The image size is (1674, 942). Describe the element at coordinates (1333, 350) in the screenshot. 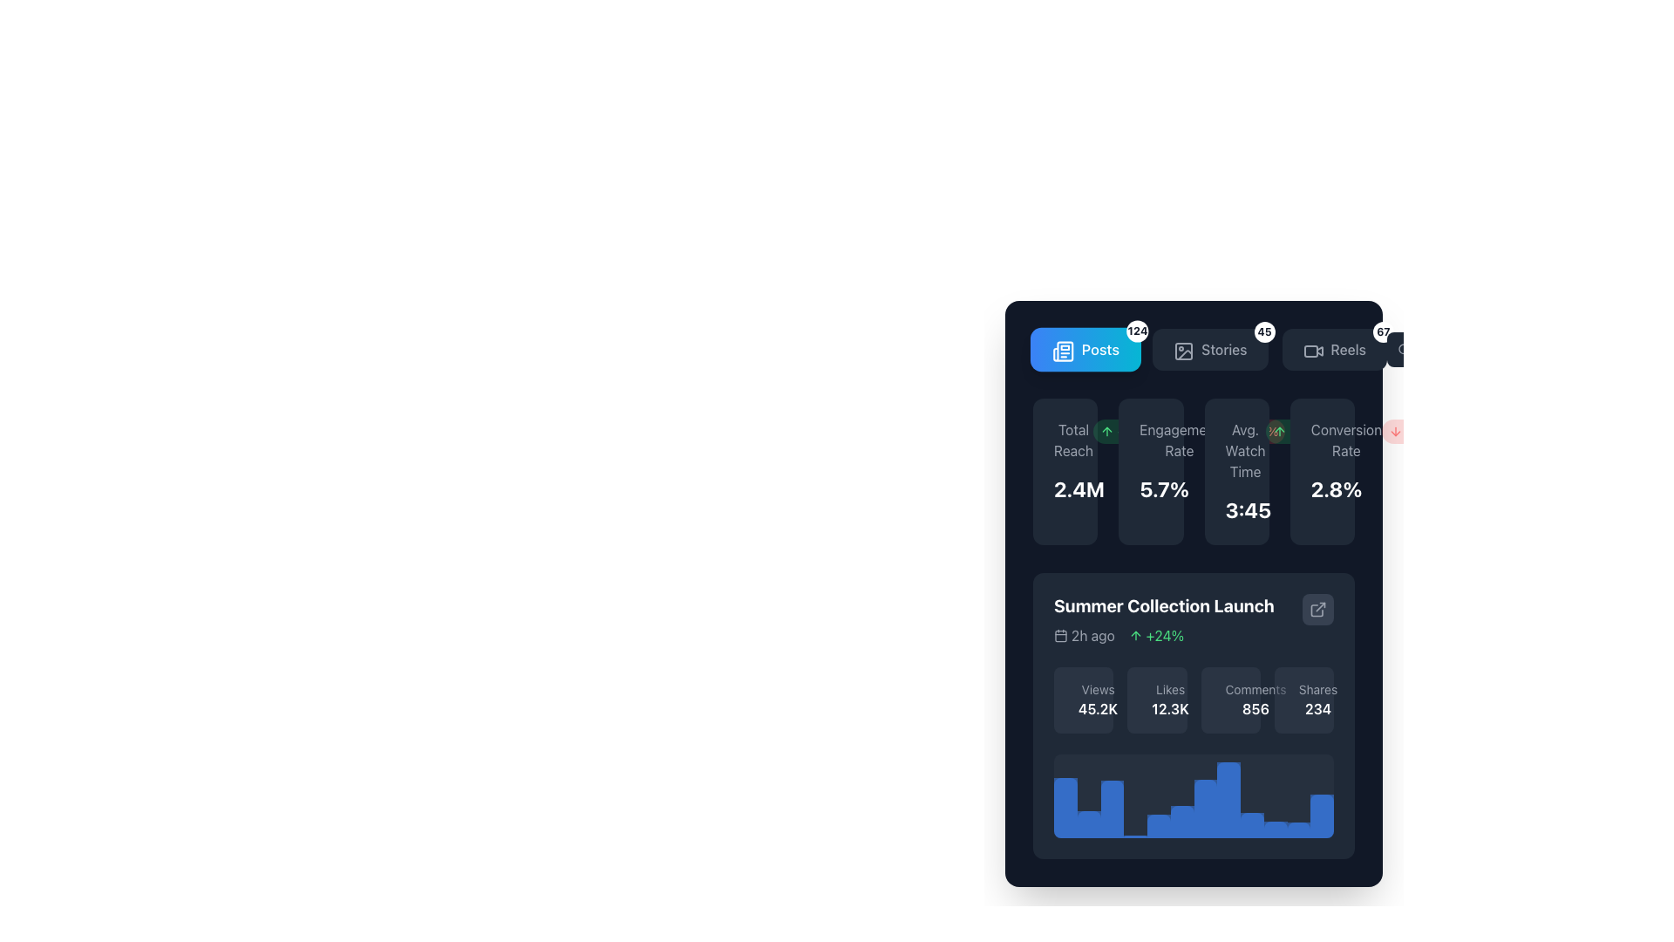

I see `the 'Reels' button with badge, which features a dark background, a video camera icon, and the badge showing '67' at the top-right corner` at that location.